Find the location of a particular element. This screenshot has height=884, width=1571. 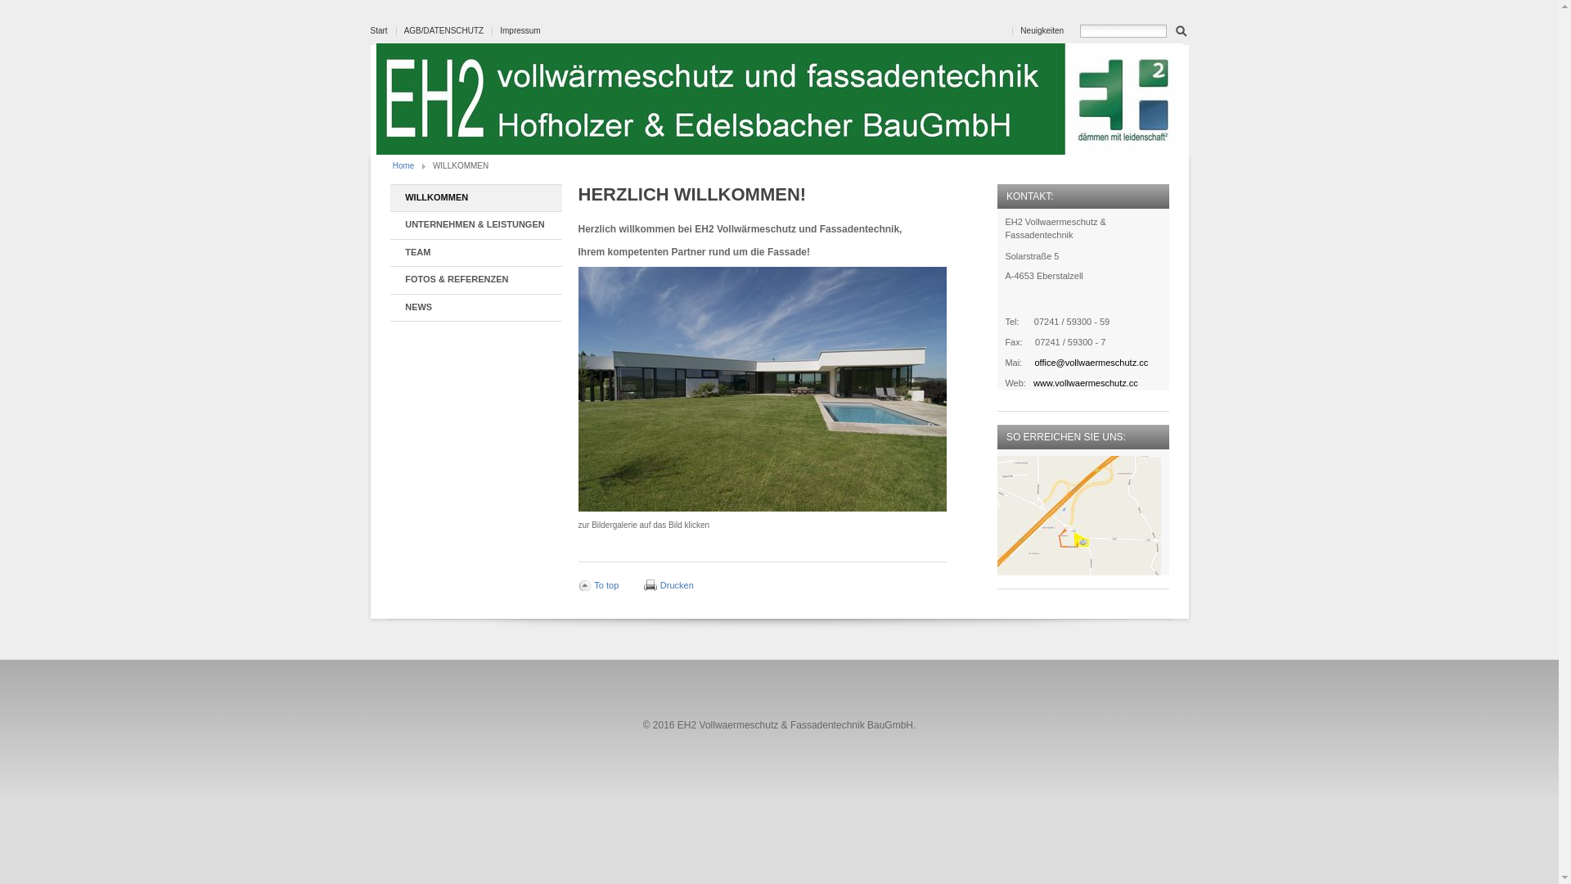

'To top' is located at coordinates (596, 584).